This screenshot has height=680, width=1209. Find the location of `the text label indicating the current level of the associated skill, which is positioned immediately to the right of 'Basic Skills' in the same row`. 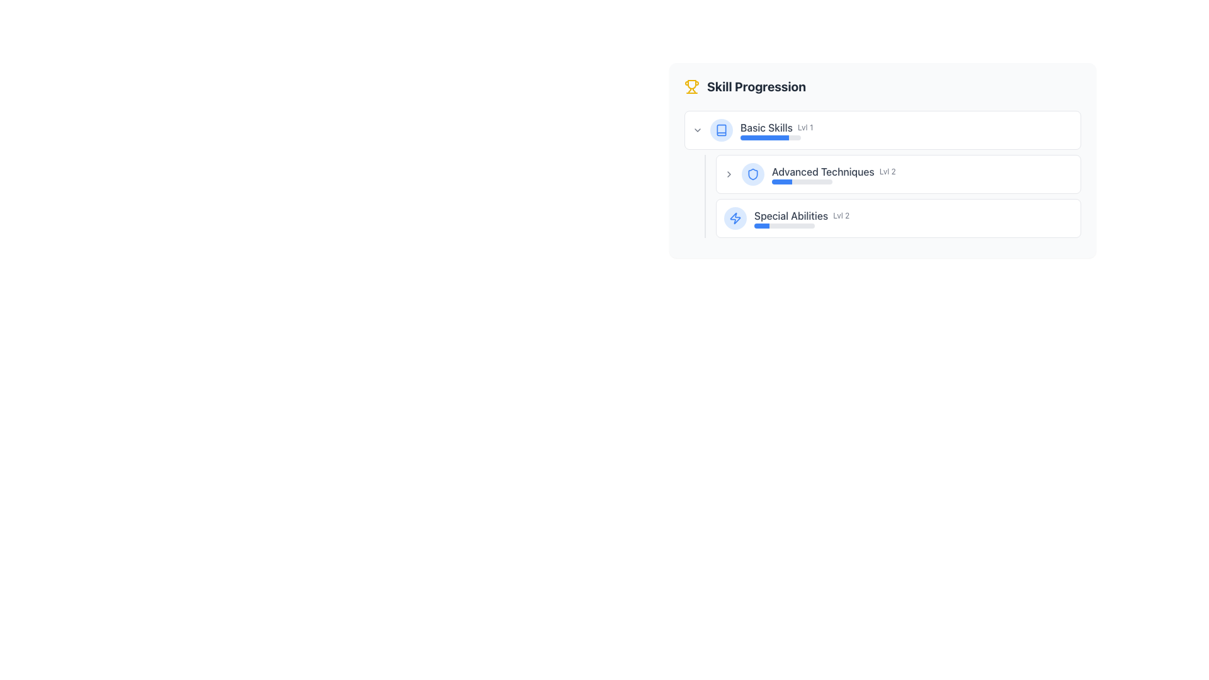

the text label indicating the current level of the associated skill, which is positioned immediately to the right of 'Basic Skills' in the same row is located at coordinates (805, 128).